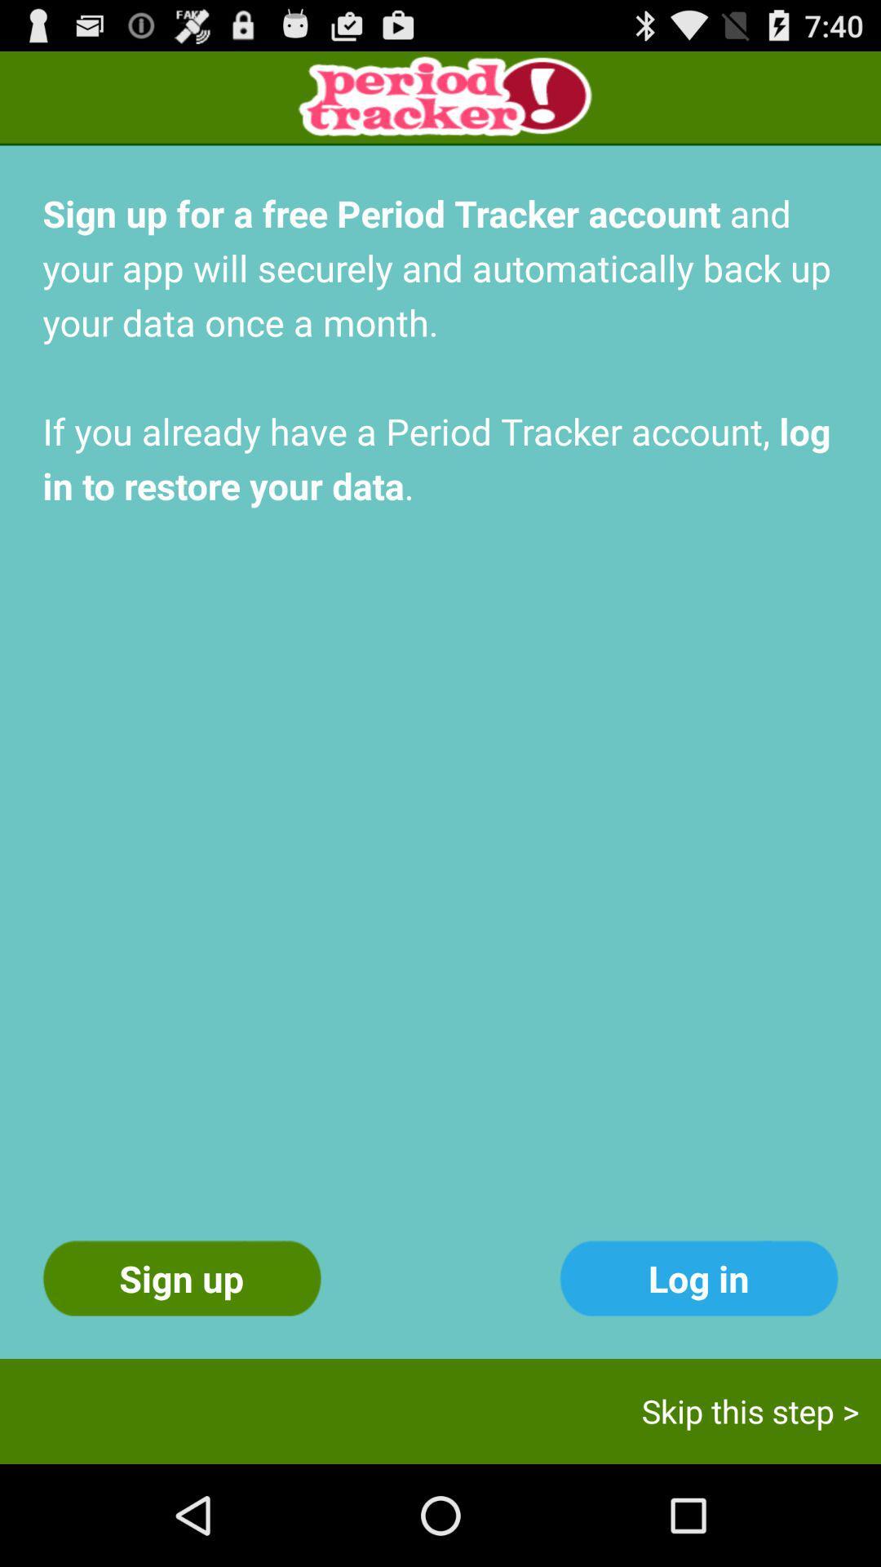 This screenshot has width=881, height=1567. Describe the element at coordinates (697, 1277) in the screenshot. I see `the icon next to the sign up` at that location.